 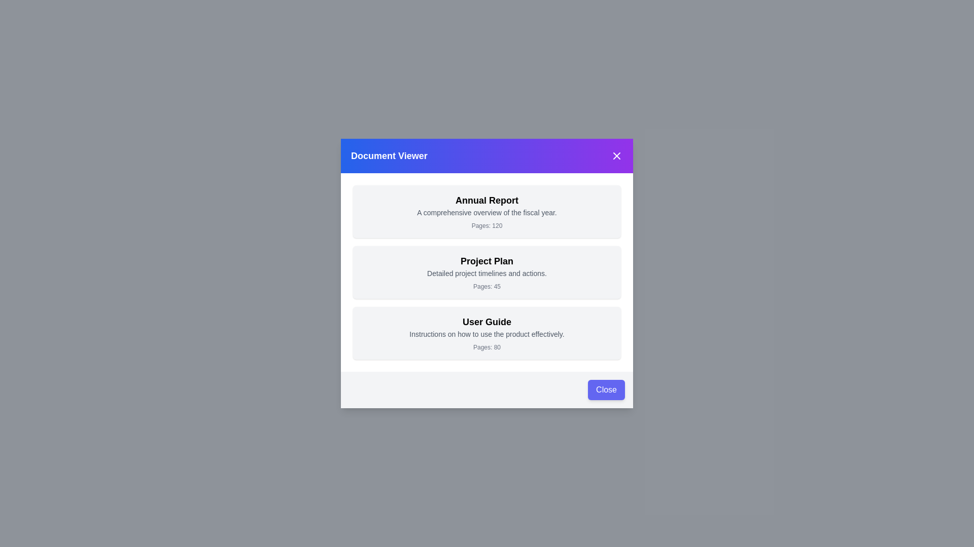 I want to click on the document item titled 'Annual Report' to observe the hover effect, so click(x=487, y=211).